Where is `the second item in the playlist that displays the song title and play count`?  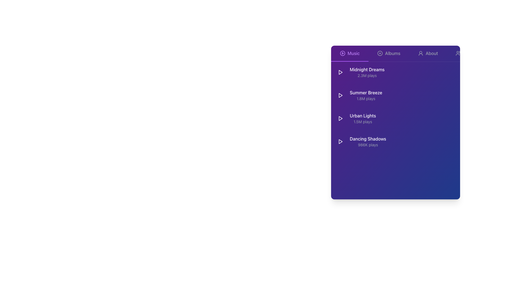
the second item in the playlist that displays the song title and play count is located at coordinates (359, 95).